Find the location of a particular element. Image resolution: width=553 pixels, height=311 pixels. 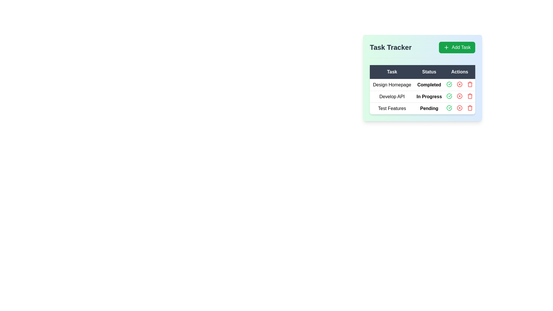

the cancel icon button for the 'Develop API' task in the 'Actions' column of the 'Task Tracker' table is located at coordinates (459, 96).